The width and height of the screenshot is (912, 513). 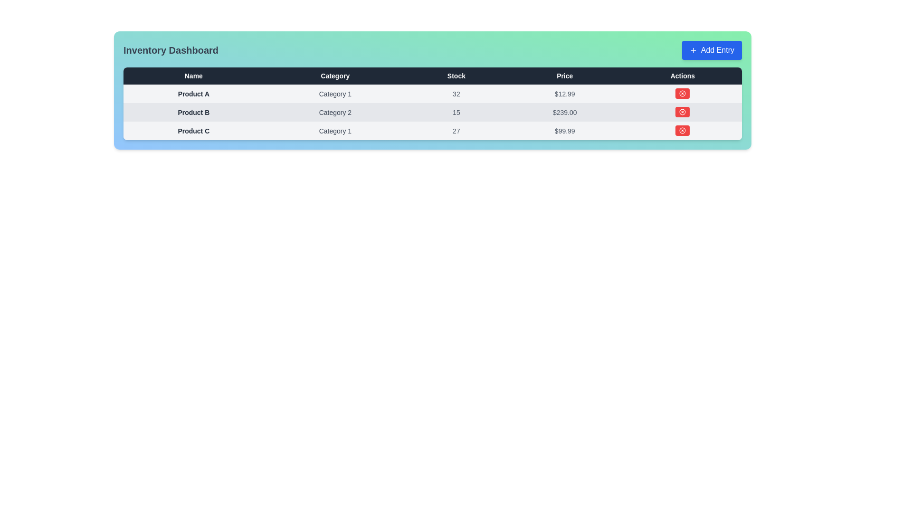 I want to click on the interactive button in the 'Actions' column of the third row in the table, so click(x=682, y=93).